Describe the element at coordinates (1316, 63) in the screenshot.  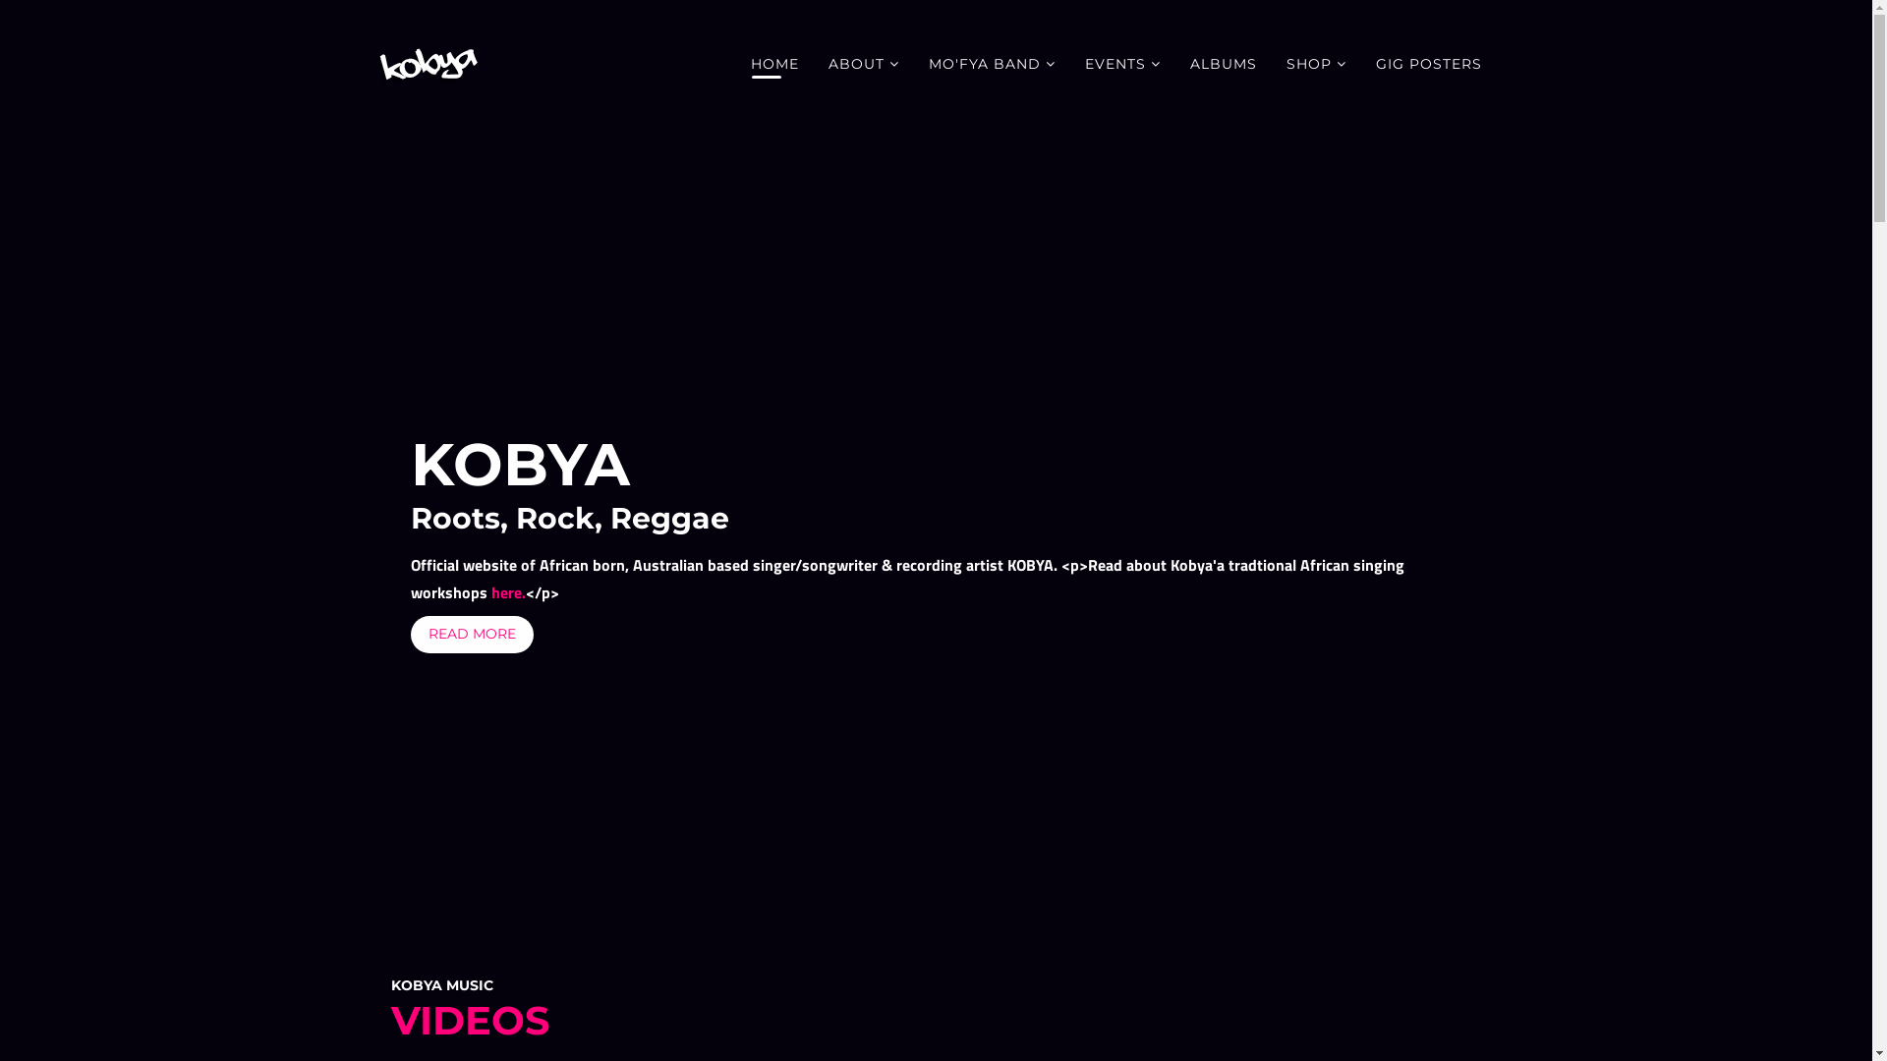
I see `'SHOP'` at that location.